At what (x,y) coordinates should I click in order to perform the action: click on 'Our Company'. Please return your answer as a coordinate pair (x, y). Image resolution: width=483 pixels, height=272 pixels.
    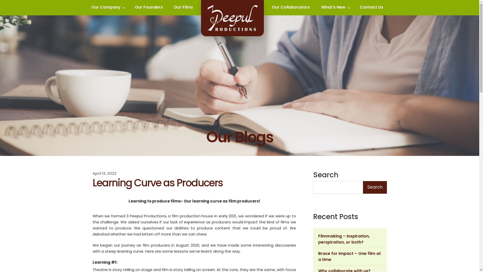
    Looking at the image, I should click on (107, 8).